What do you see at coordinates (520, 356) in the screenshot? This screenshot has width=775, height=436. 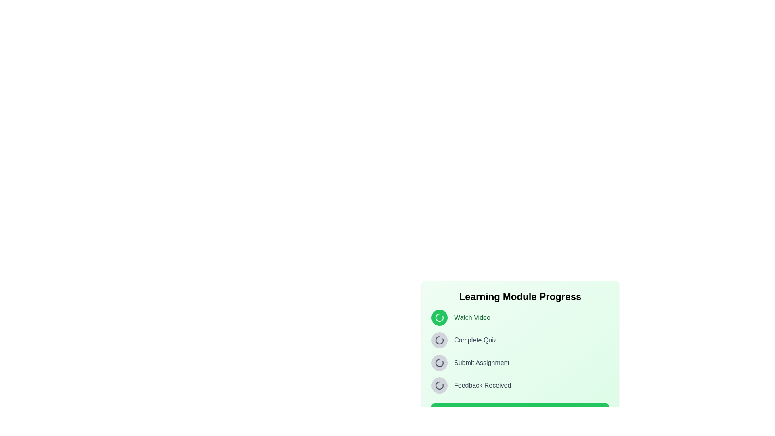 I see `the 'Submit Assignment' task element, which represents the third task in the Learning Module Progress section, indicating it is pending or incomplete` at bounding box center [520, 356].